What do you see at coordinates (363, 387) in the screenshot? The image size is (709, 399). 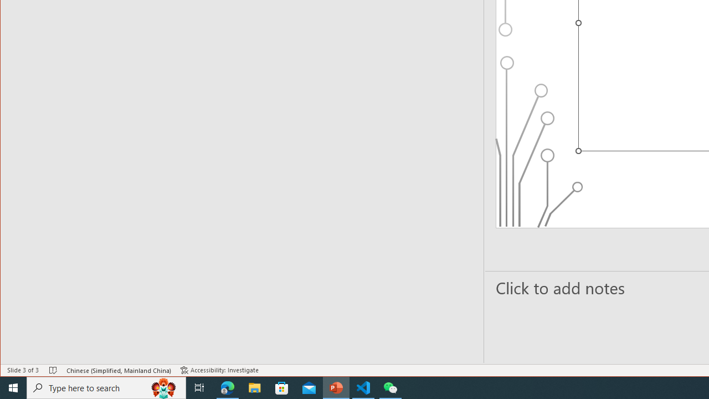 I see `'Visual Studio Code - 1 running window'` at bounding box center [363, 387].